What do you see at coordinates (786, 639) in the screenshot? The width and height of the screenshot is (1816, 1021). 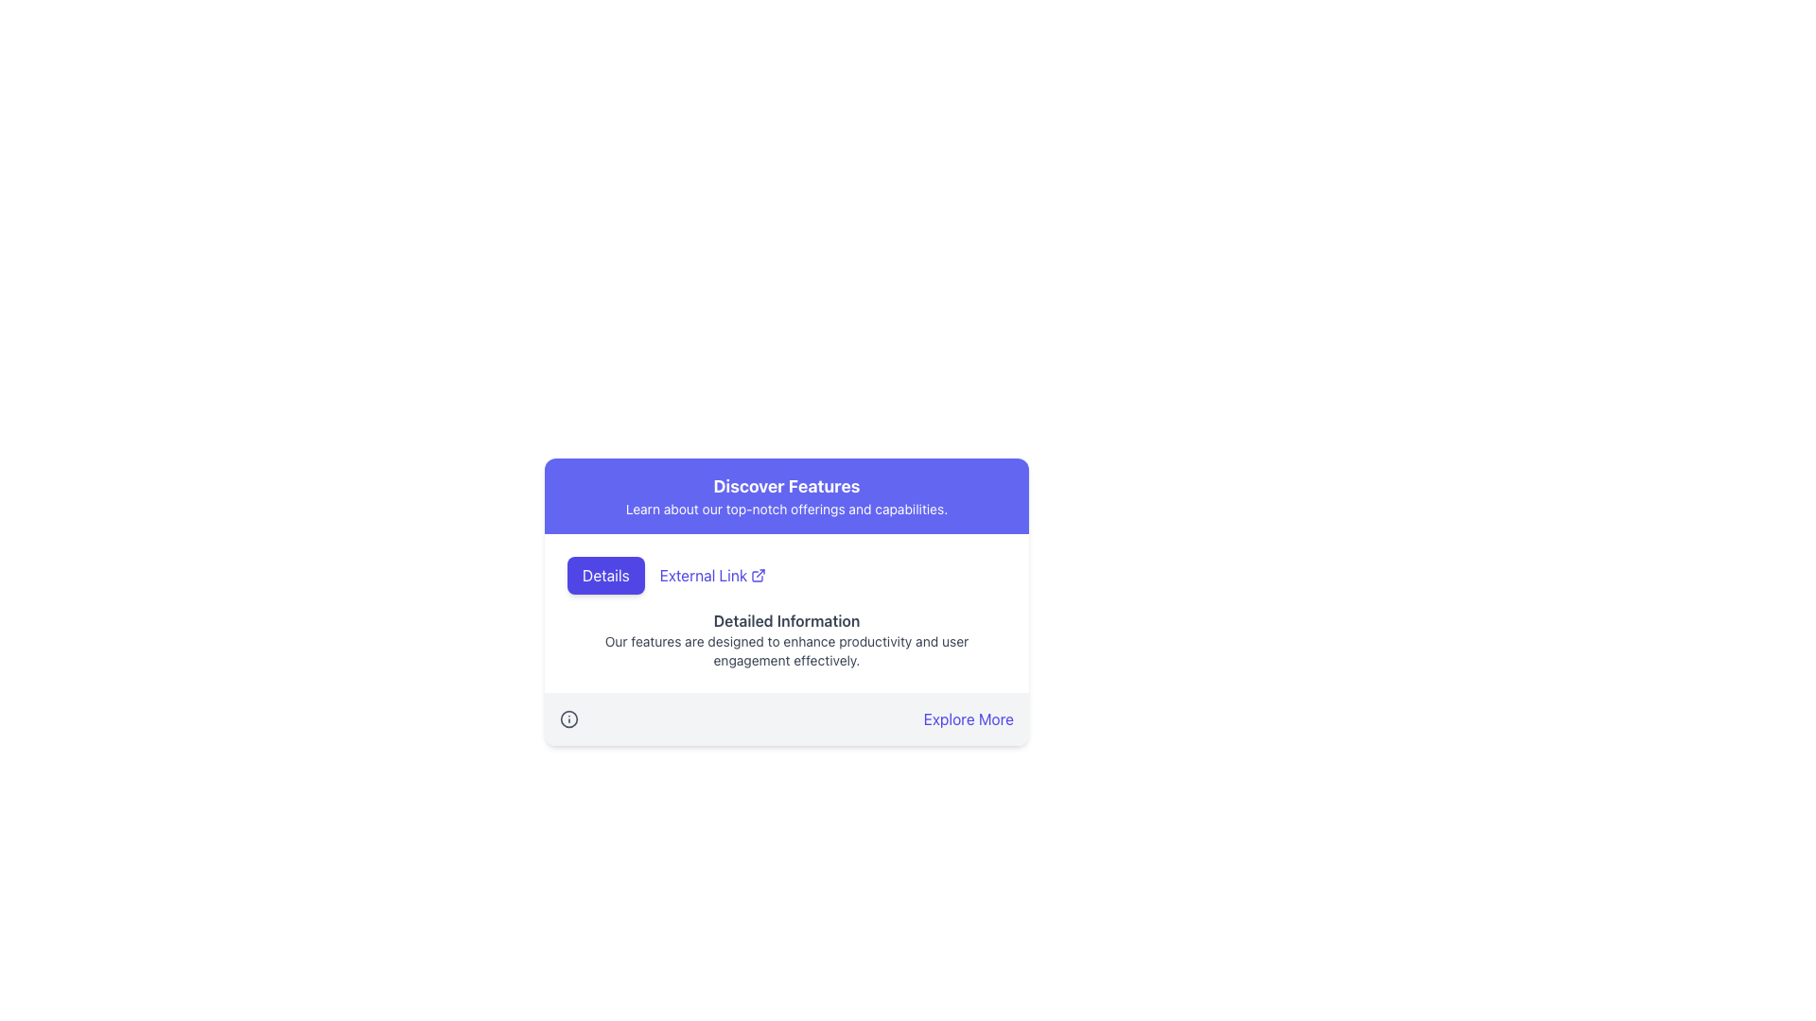 I see `the surrounding elements of the explanatory Text block that provides information about the application features, positioned below the 'Details' button and 'External Link' options` at bounding box center [786, 639].